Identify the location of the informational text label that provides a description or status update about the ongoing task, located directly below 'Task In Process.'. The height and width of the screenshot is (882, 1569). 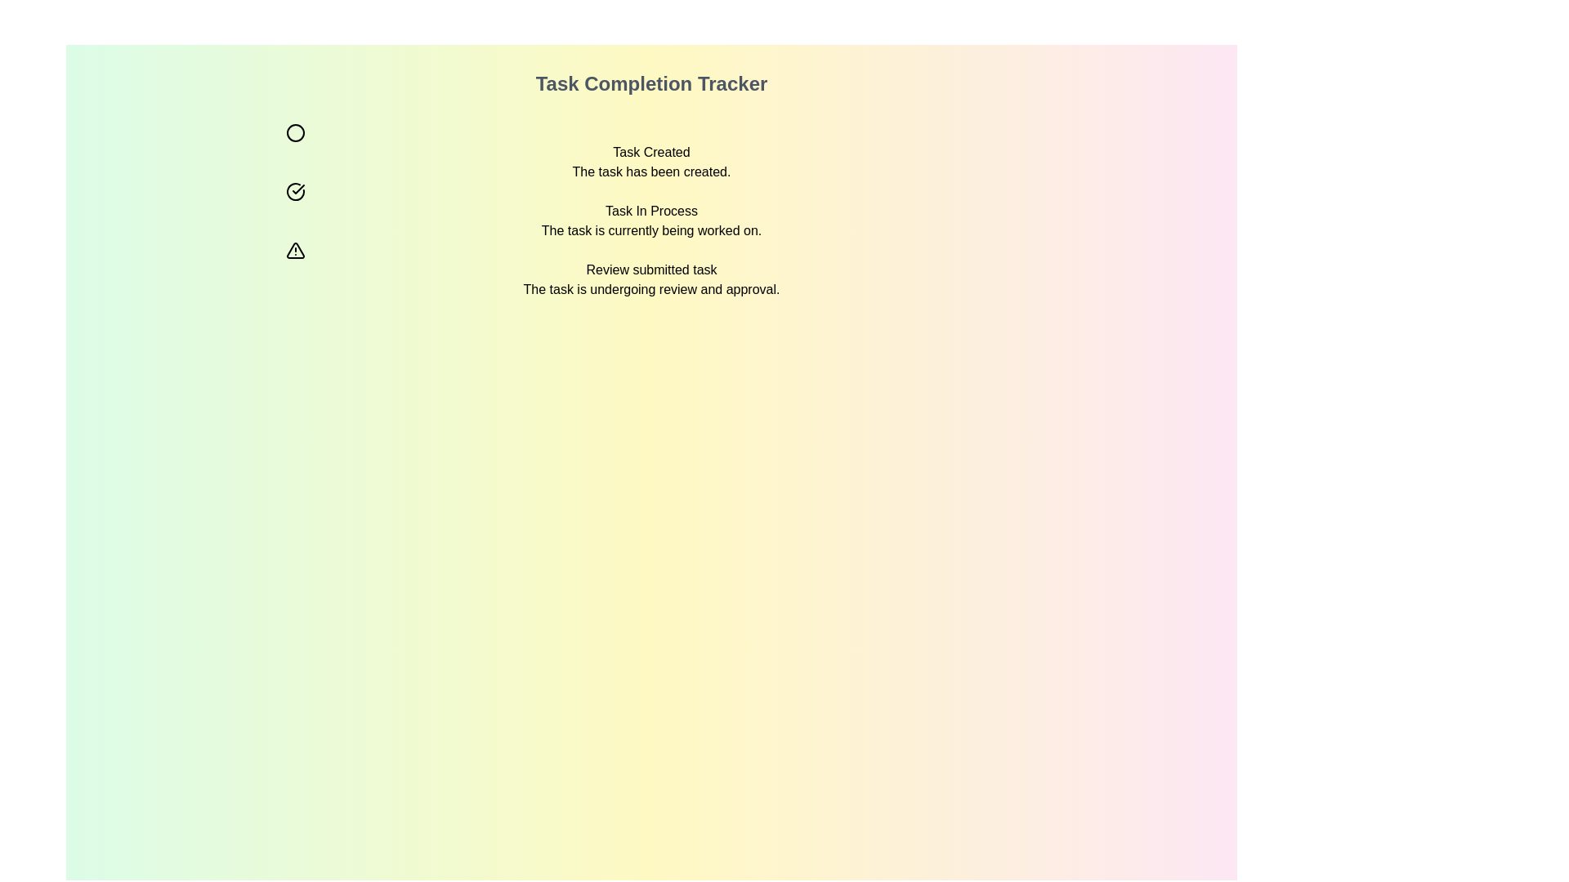
(650, 230).